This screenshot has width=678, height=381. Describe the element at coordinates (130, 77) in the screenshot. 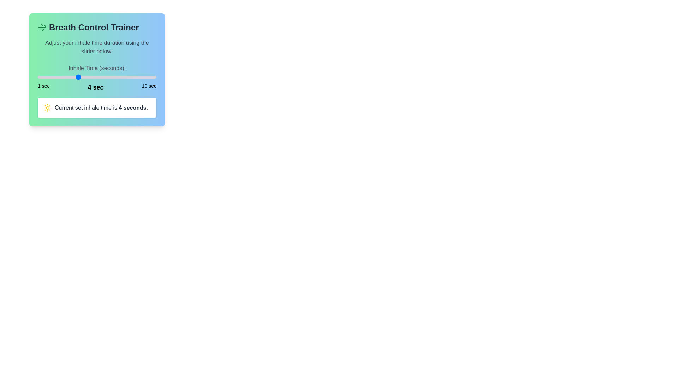

I see `the inhale time to 8 seconds using the slider` at that location.